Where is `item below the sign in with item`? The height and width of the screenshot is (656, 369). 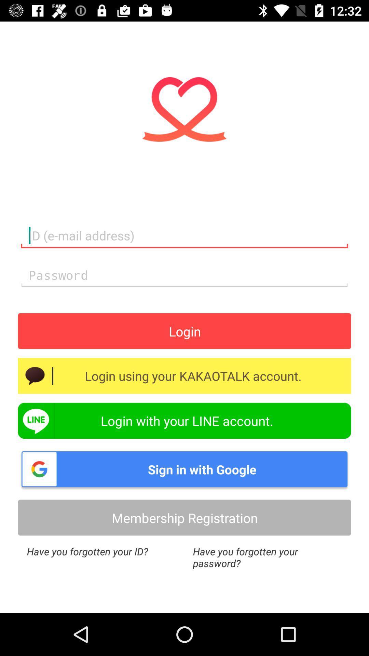
item below the sign in with item is located at coordinates (184, 518).